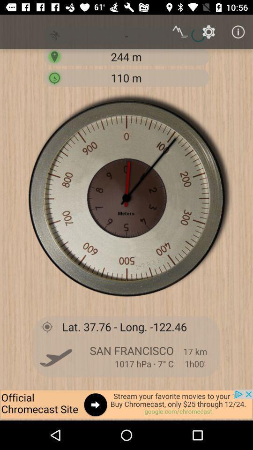  What do you see at coordinates (126, 198) in the screenshot?
I see `the label shown below 110 m` at bounding box center [126, 198].